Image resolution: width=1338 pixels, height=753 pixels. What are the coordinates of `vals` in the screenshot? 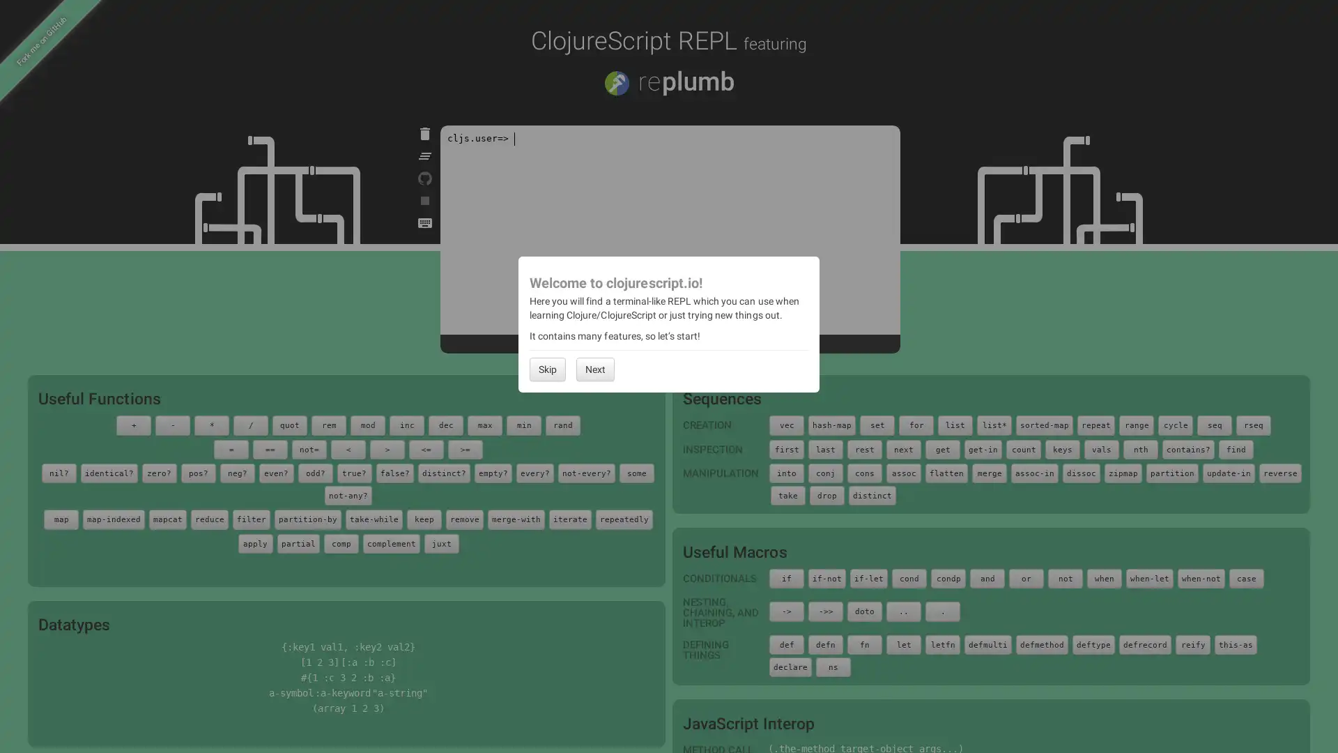 It's located at (1100, 449).